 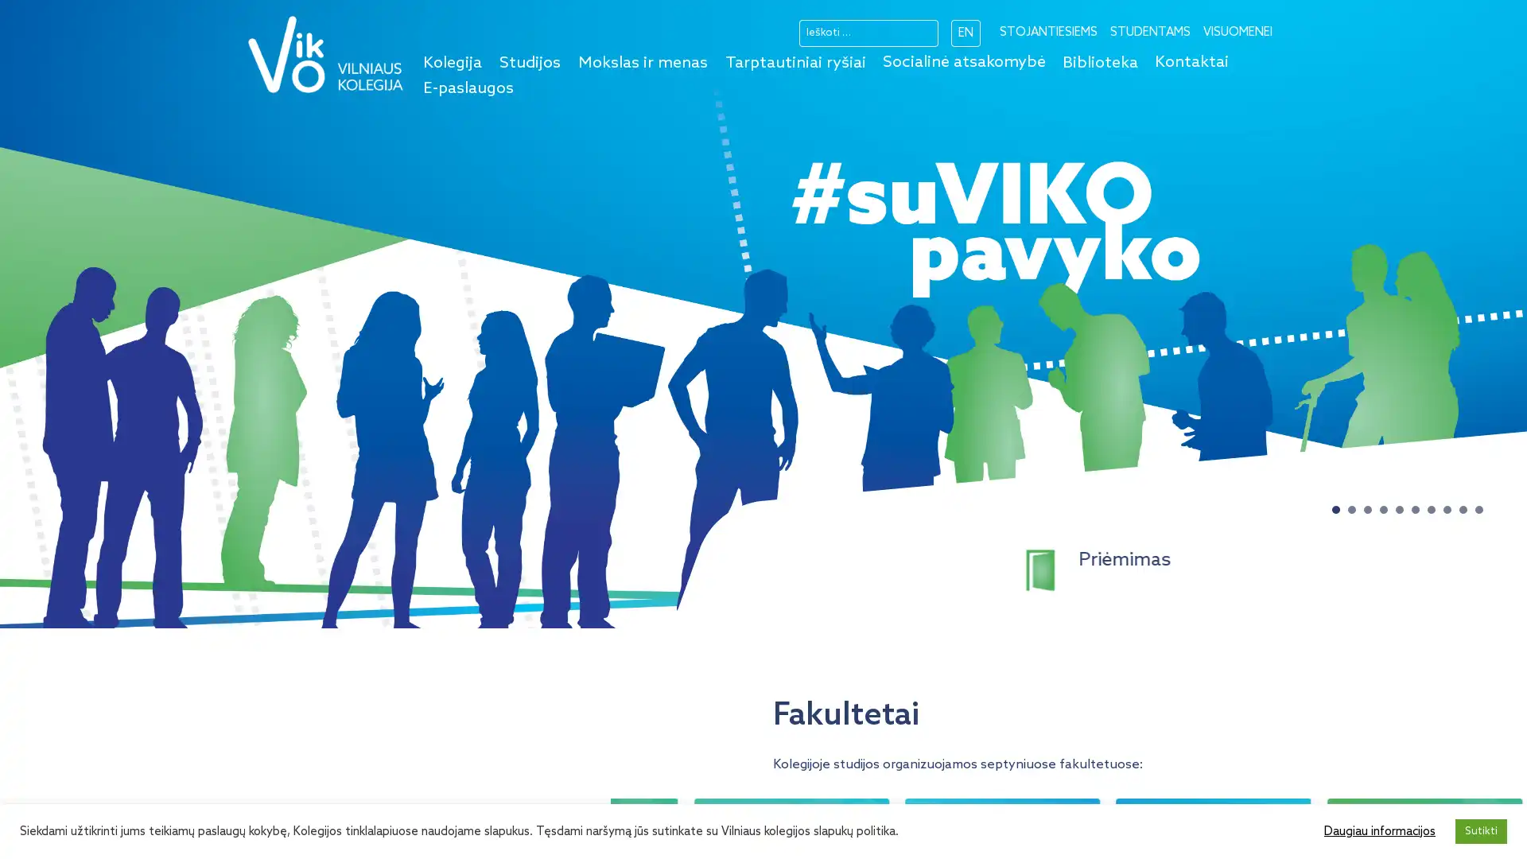 I want to click on Studijos, so click(x=530, y=63).